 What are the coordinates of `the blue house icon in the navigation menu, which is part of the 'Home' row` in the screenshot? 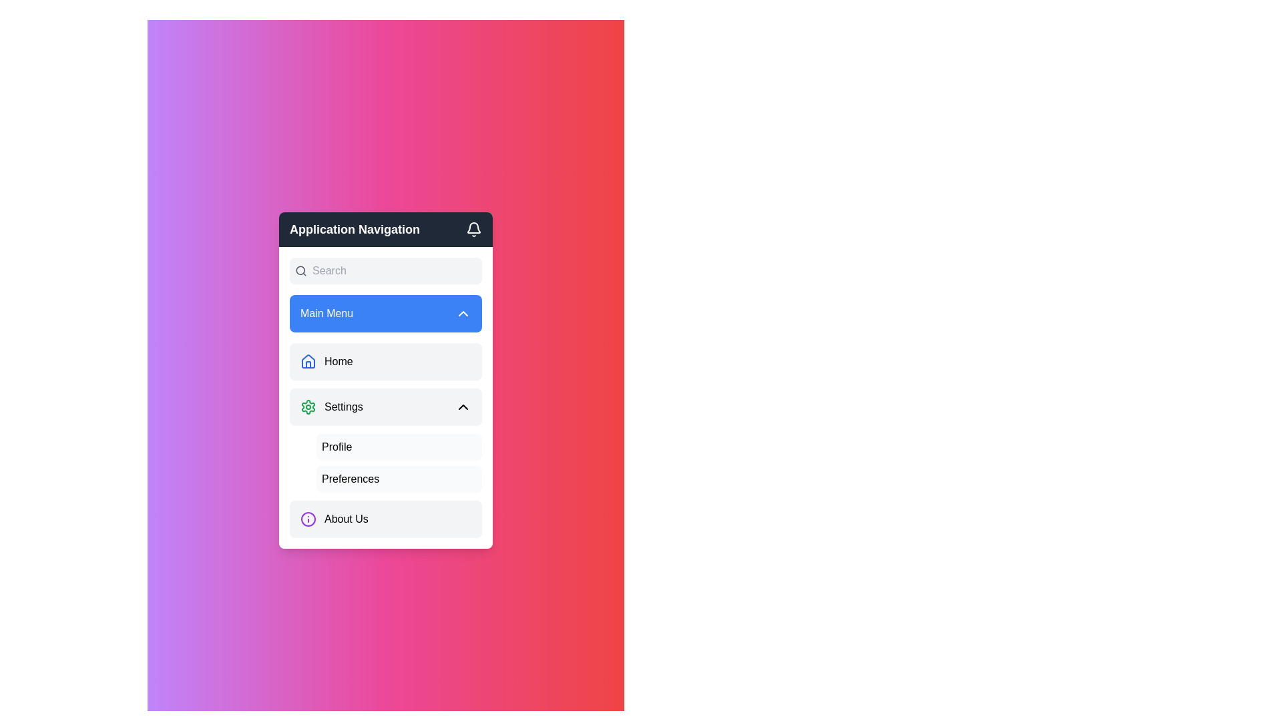 It's located at (307, 362).